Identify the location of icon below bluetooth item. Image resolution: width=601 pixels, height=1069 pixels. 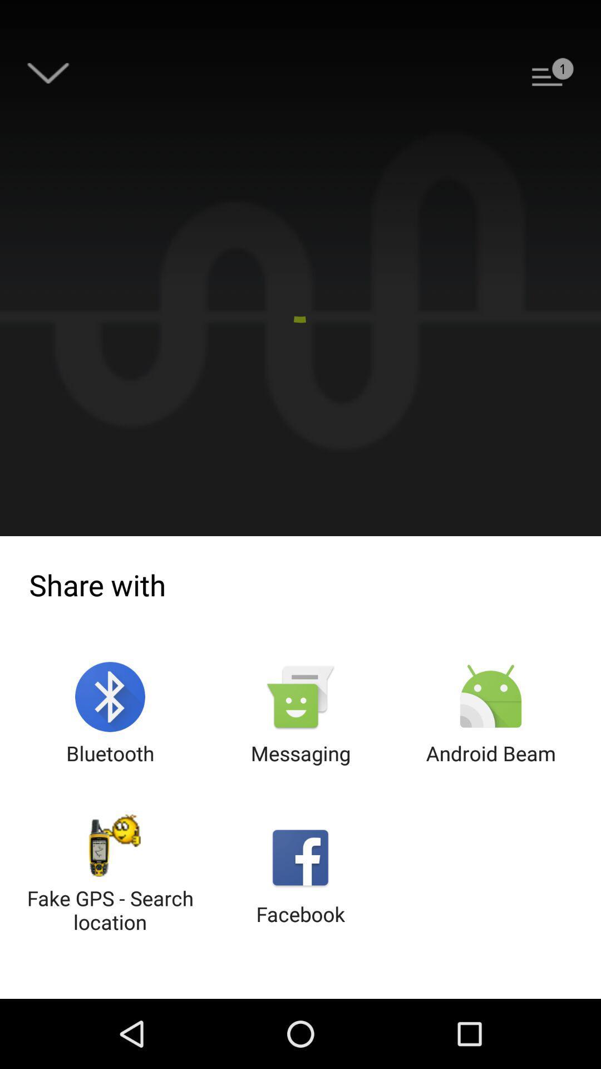
(110, 875).